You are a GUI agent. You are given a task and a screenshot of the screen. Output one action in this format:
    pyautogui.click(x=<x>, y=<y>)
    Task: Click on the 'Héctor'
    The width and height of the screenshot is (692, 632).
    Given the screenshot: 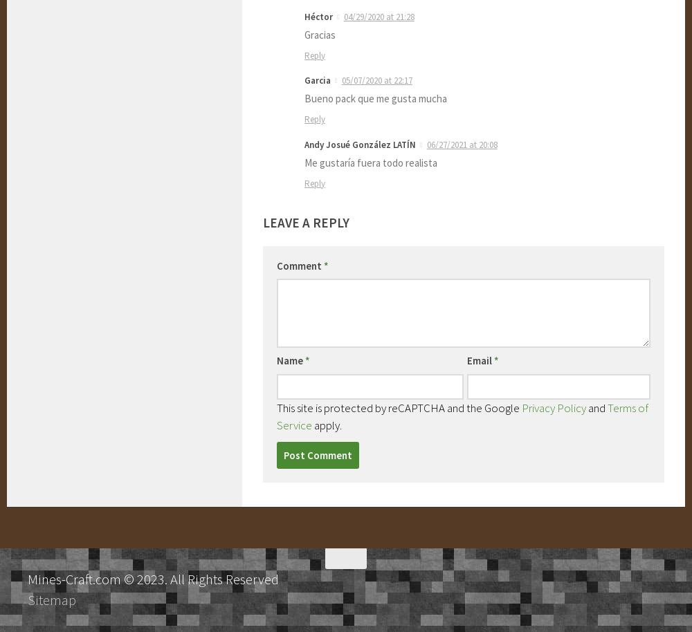 What is the action you would take?
    pyautogui.click(x=304, y=16)
    